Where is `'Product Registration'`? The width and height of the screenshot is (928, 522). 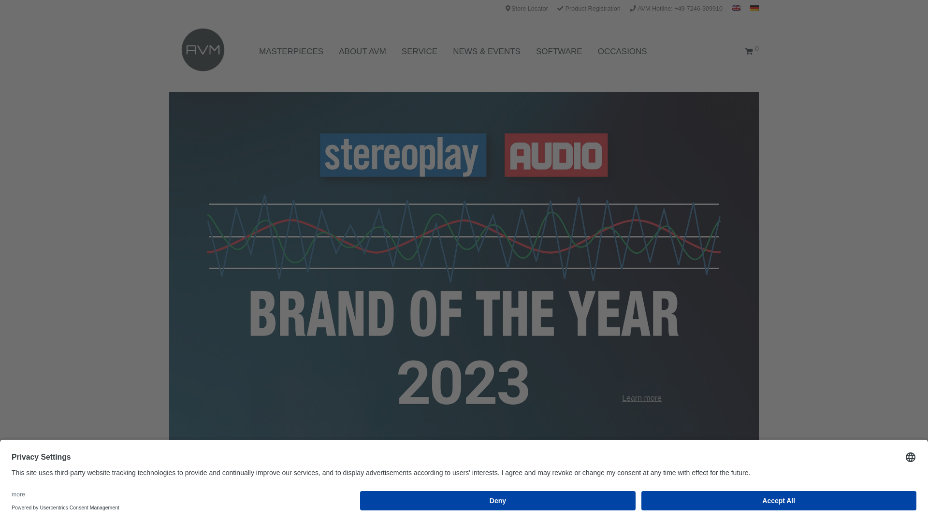 'Product Registration' is located at coordinates (588, 9).